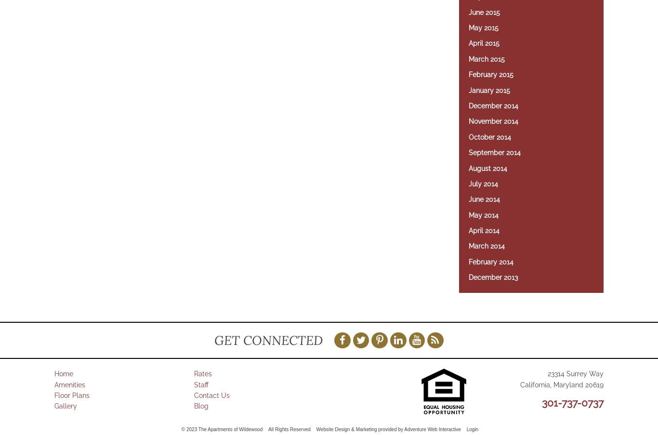 This screenshot has height=435, width=658. What do you see at coordinates (484, 27) in the screenshot?
I see `'May 2015'` at bounding box center [484, 27].